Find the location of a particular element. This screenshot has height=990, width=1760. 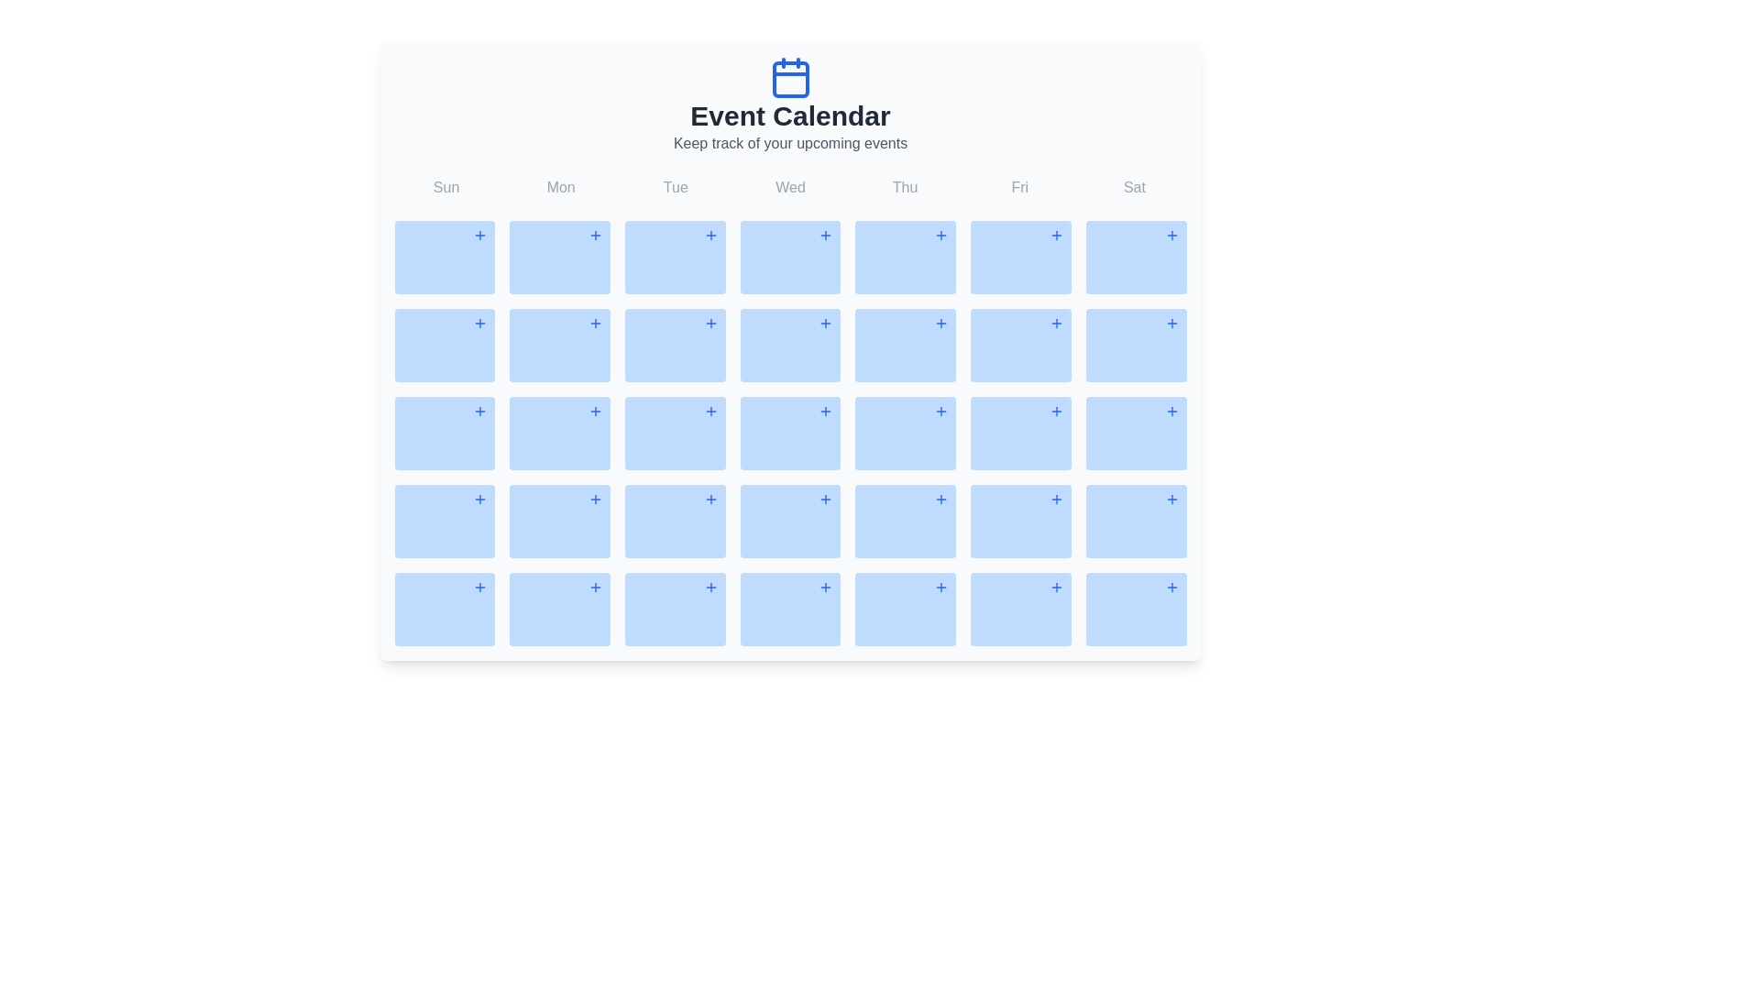

the informational static text element located directly underneath the 'Event Calendar' heading, which clarifies its purpose is located at coordinates (790, 143).